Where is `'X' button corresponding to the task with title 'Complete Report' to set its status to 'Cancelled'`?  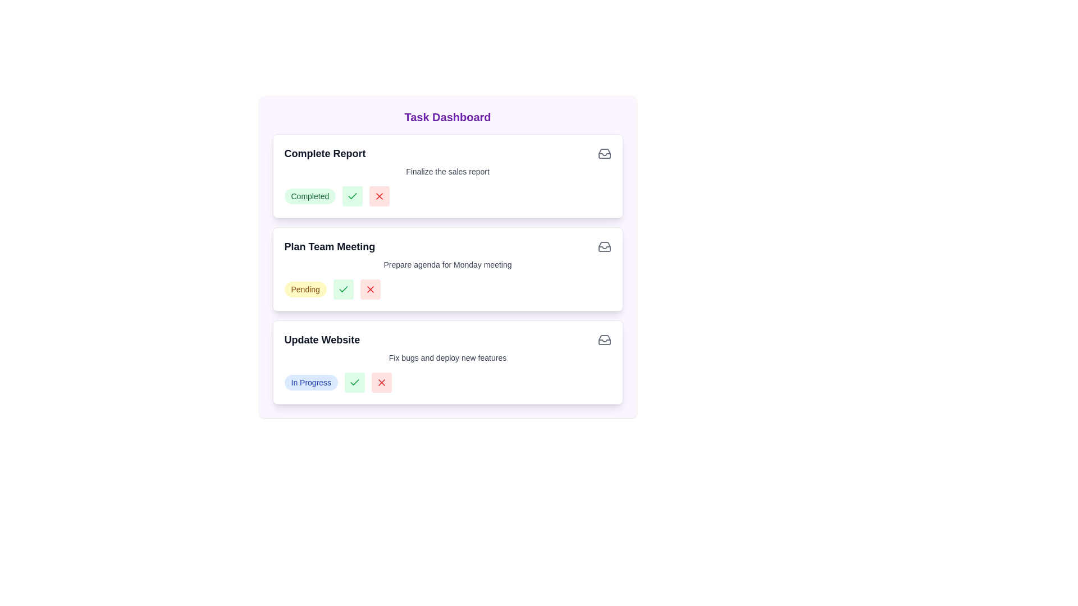 'X' button corresponding to the task with title 'Complete Report' to set its status to 'Cancelled' is located at coordinates (380, 196).